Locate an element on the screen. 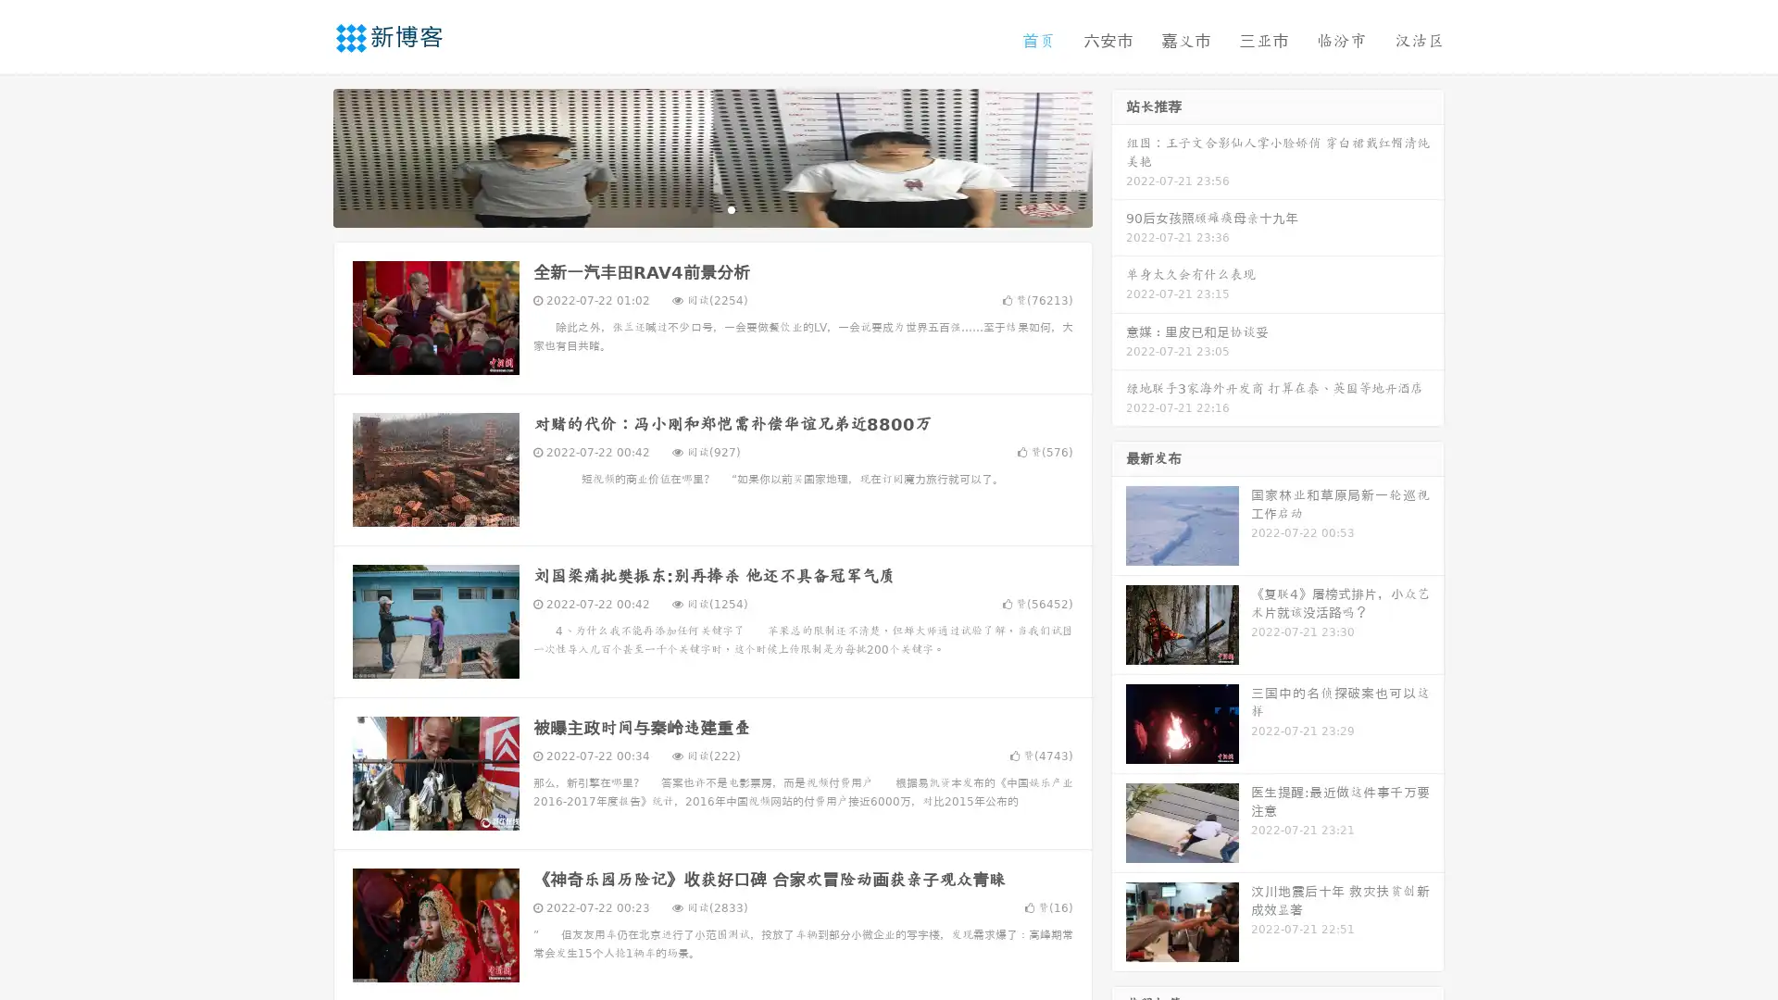 The width and height of the screenshot is (1778, 1000). Go to slide 1 is located at coordinates (693, 208).